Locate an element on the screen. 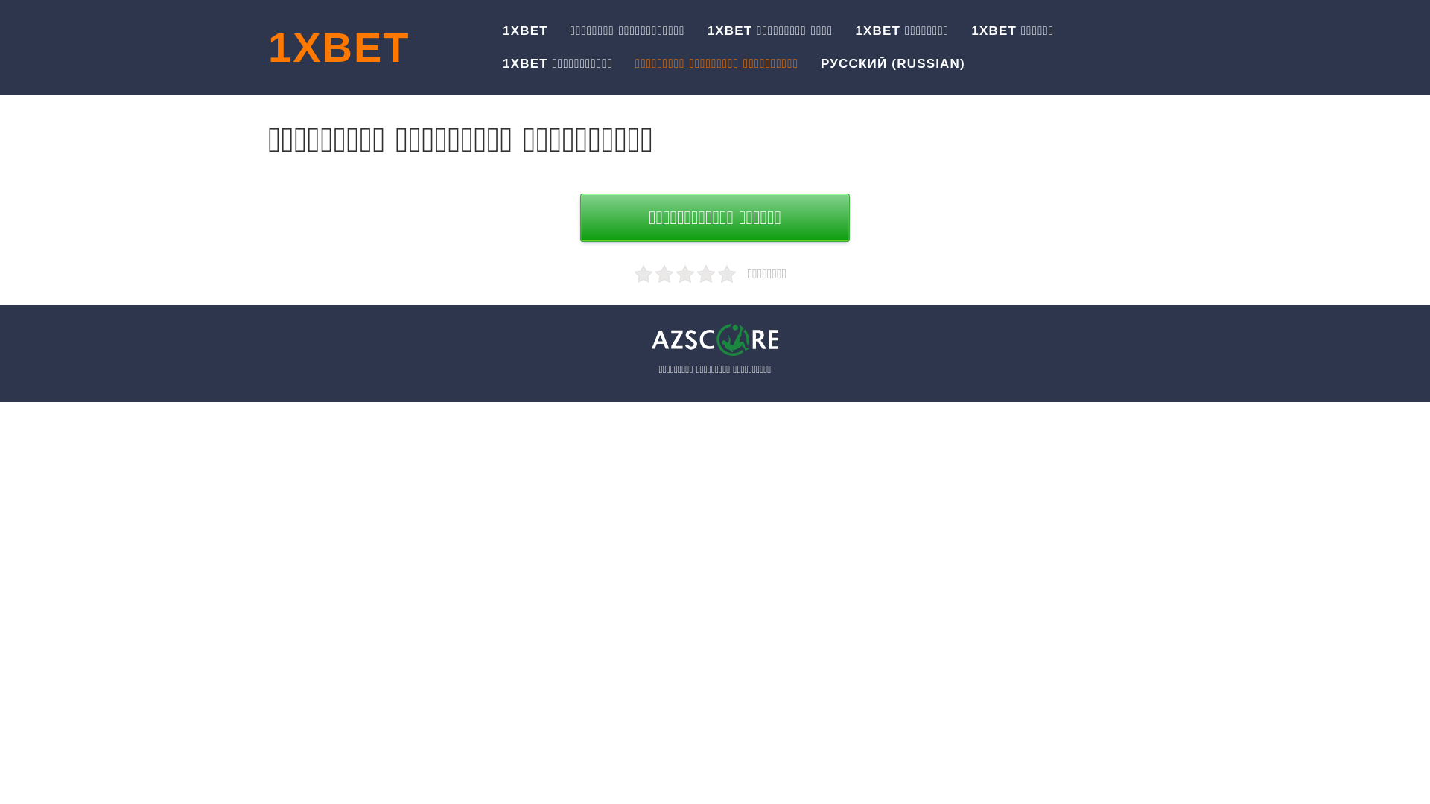 Image resolution: width=1430 pixels, height=804 pixels. '1XBET' is located at coordinates (338, 46).